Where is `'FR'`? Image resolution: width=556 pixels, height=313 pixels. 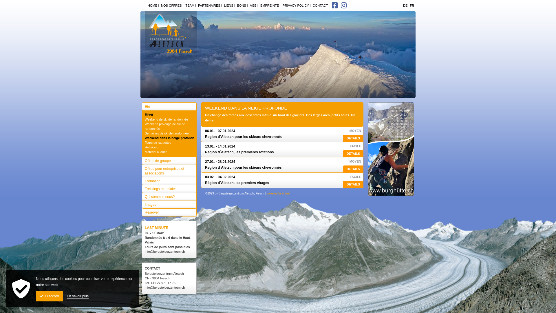 'FR' is located at coordinates (411, 6).